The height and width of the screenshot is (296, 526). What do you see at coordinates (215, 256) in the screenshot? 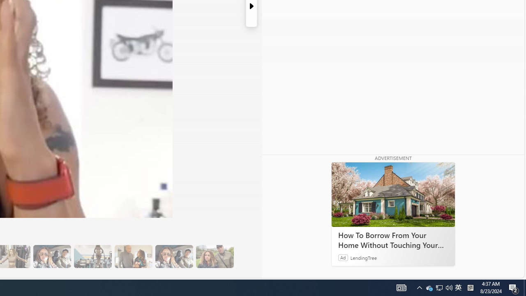
I see `'20 Overall, It Will Improve Your Health'` at bounding box center [215, 256].